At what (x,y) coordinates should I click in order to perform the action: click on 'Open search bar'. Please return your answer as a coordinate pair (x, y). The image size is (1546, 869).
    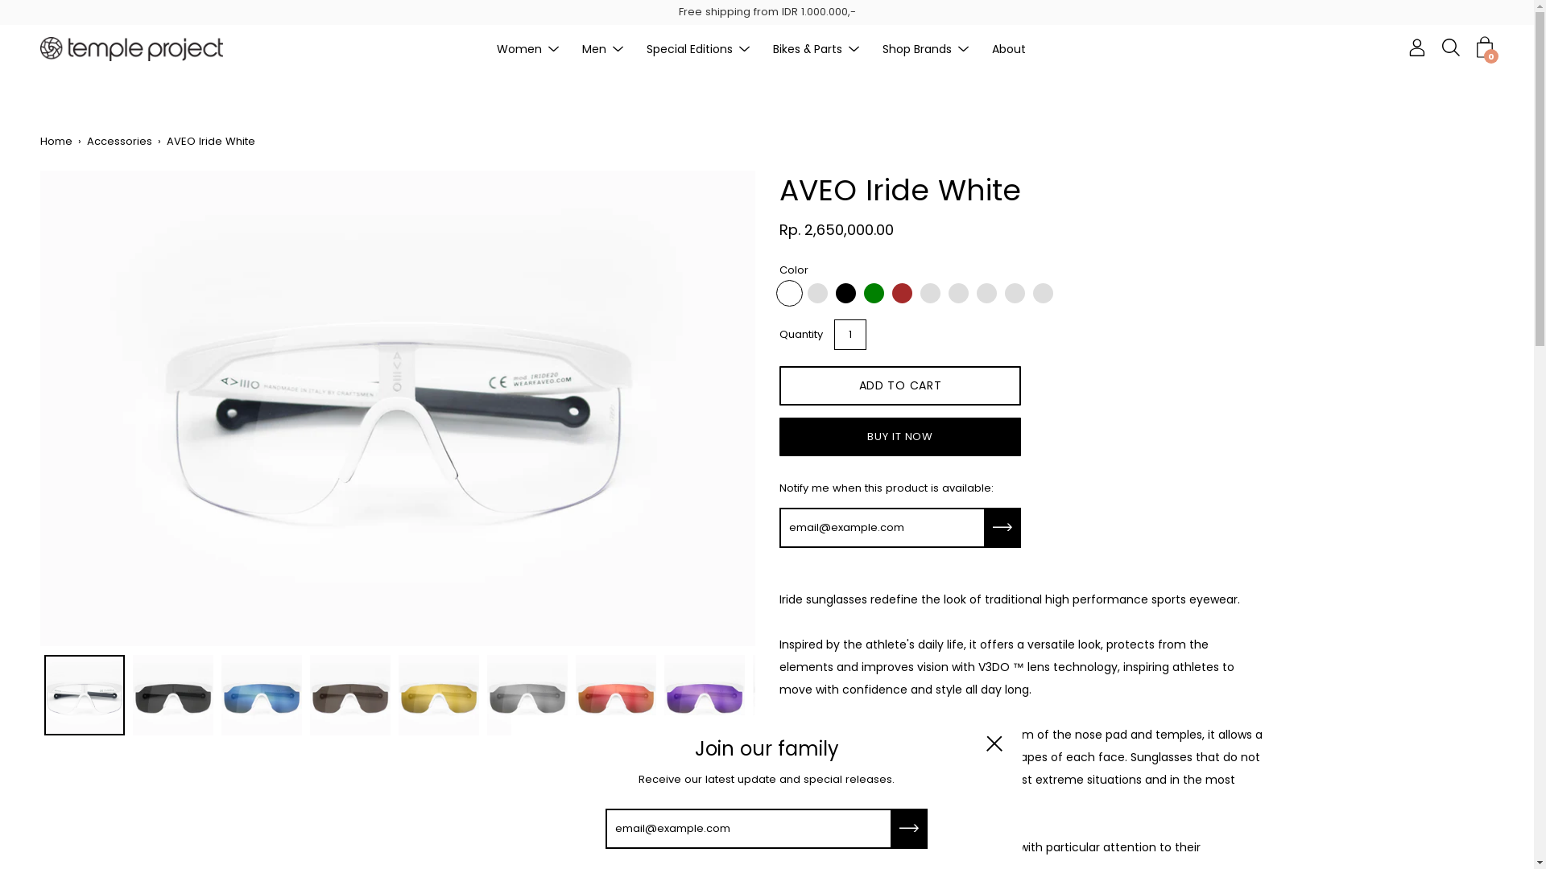
    Looking at the image, I should click on (1450, 46).